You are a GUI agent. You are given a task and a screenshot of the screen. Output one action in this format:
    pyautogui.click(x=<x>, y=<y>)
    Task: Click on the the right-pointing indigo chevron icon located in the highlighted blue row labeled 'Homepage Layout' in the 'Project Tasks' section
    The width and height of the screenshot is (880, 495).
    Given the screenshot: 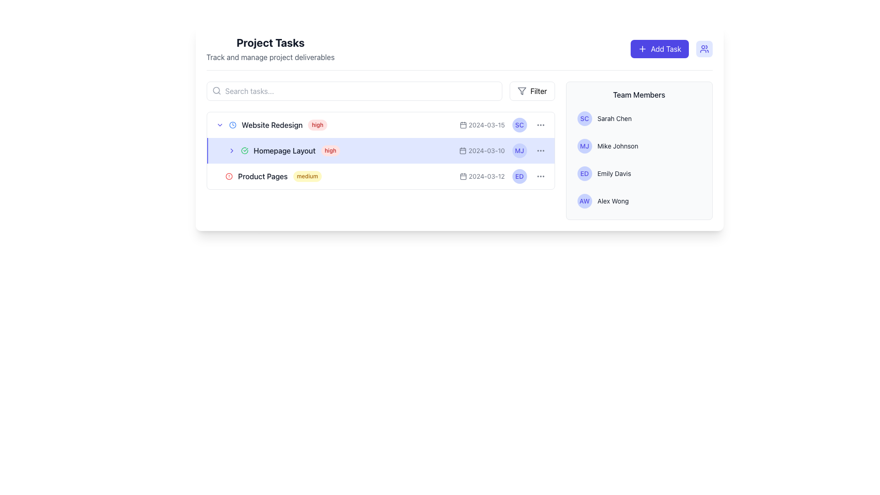 What is the action you would take?
    pyautogui.click(x=231, y=150)
    